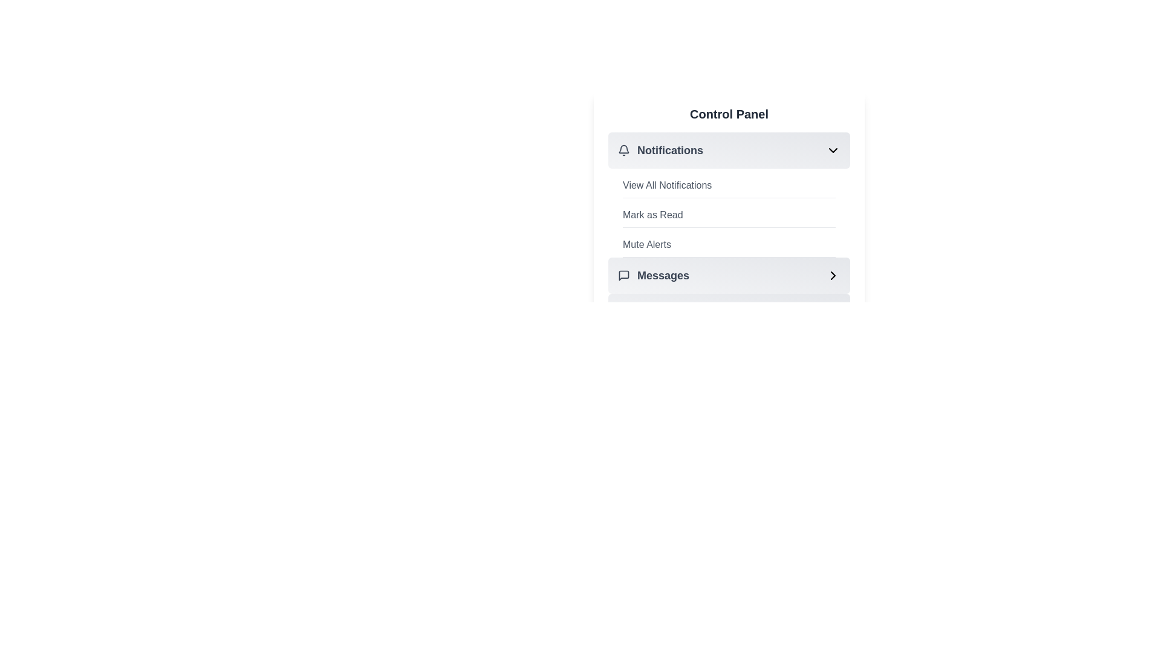 The width and height of the screenshot is (1161, 653). I want to click on the 'Control Panel' static text label, which is styled in bold gray font and positioned at the top of its containing panel, so click(728, 114).